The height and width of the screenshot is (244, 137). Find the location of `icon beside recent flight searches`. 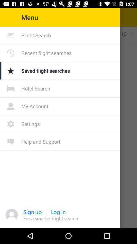

icon beside recent flight searches is located at coordinates (11, 53).